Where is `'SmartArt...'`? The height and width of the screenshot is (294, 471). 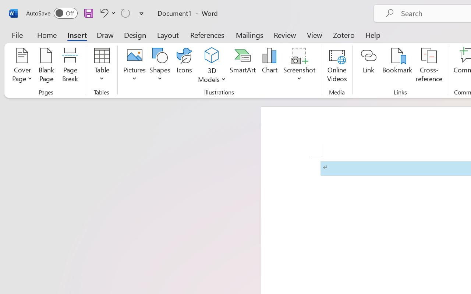
'SmartArt...' is located at coordinates (242, 66).